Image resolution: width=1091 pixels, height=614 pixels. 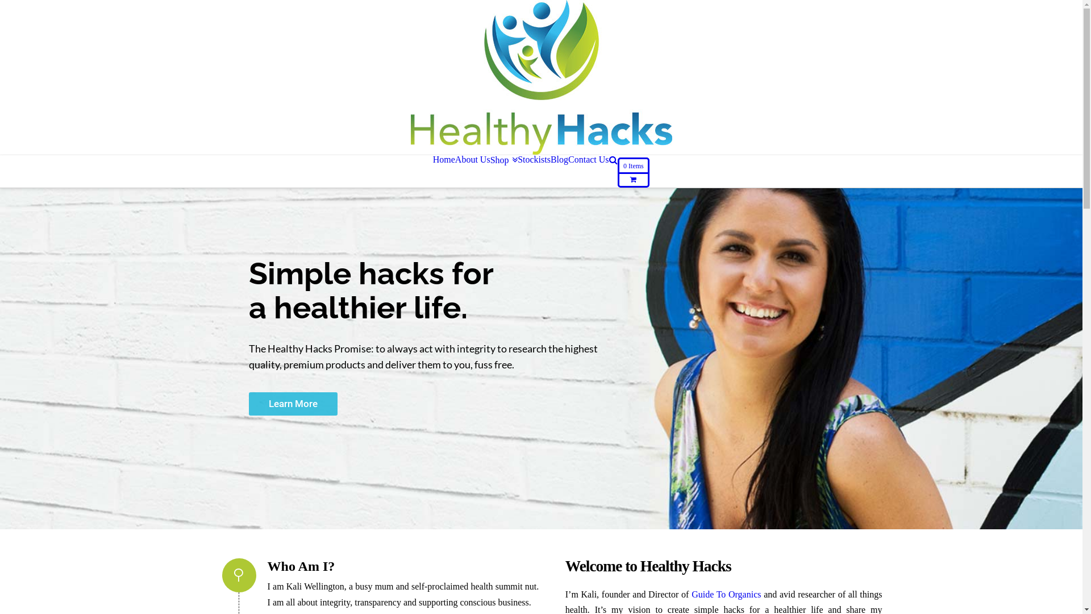 I want to click on 'Home', so click(x=443, y=160).